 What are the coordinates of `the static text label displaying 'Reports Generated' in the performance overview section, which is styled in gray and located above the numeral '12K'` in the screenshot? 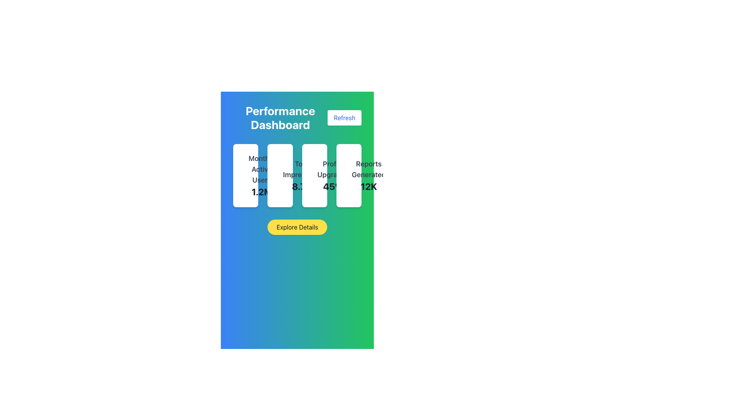 It's located at (368, 169).